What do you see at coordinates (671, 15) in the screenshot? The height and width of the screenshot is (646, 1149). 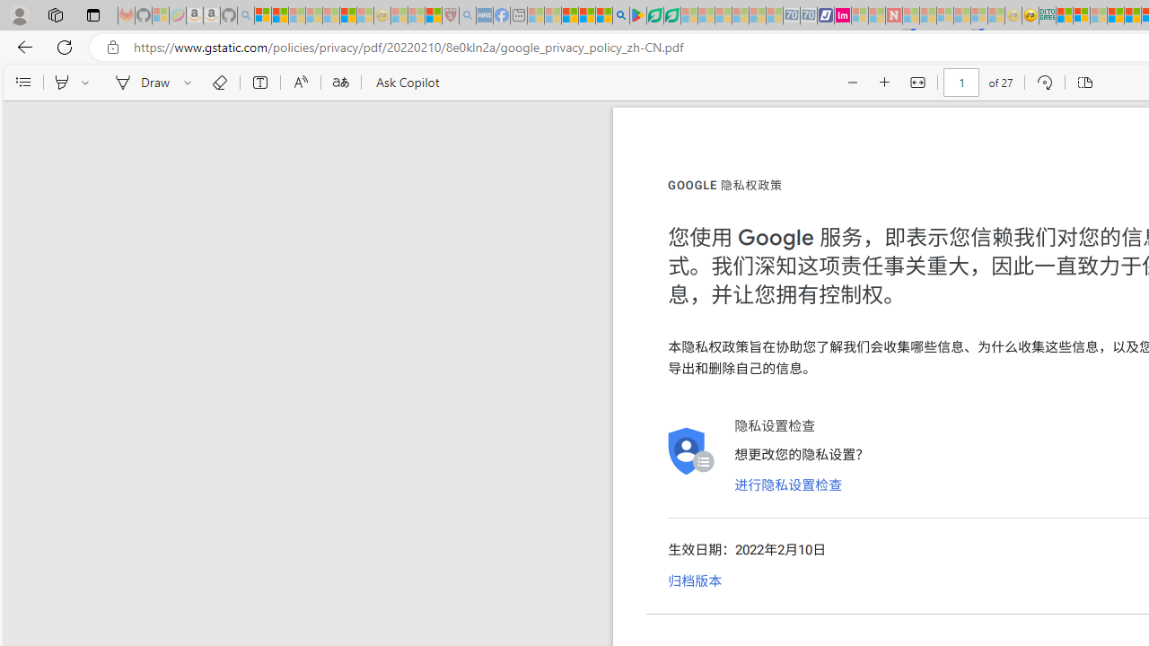 I see `'Microsoft Word - consumer-privacy address update 2.2021'` at bounding box center [671, 15].